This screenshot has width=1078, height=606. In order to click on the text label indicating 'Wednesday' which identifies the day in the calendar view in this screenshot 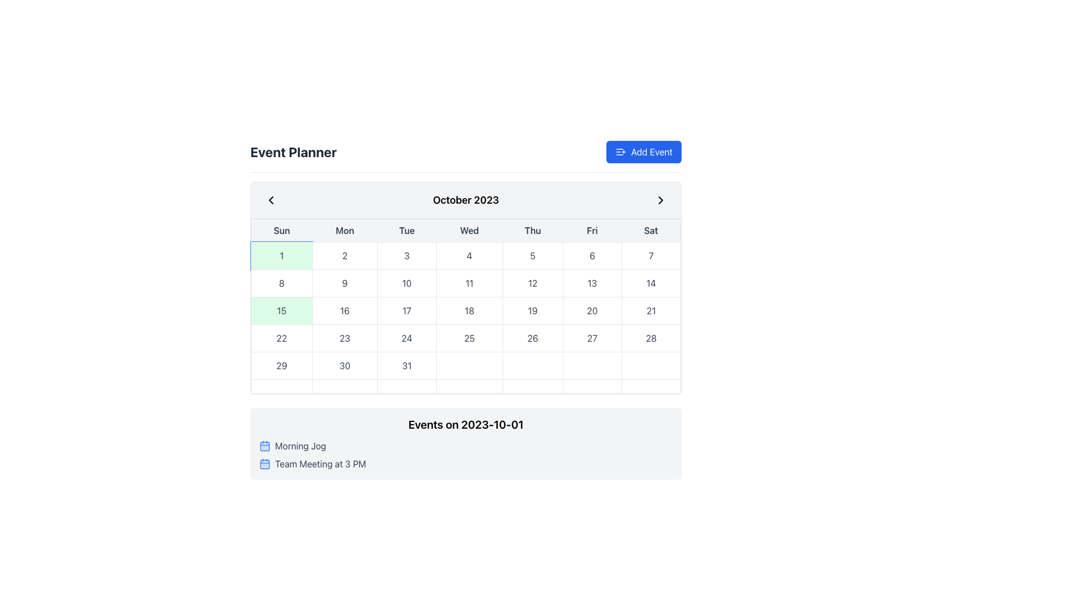, I will do `click(469, 230)`.